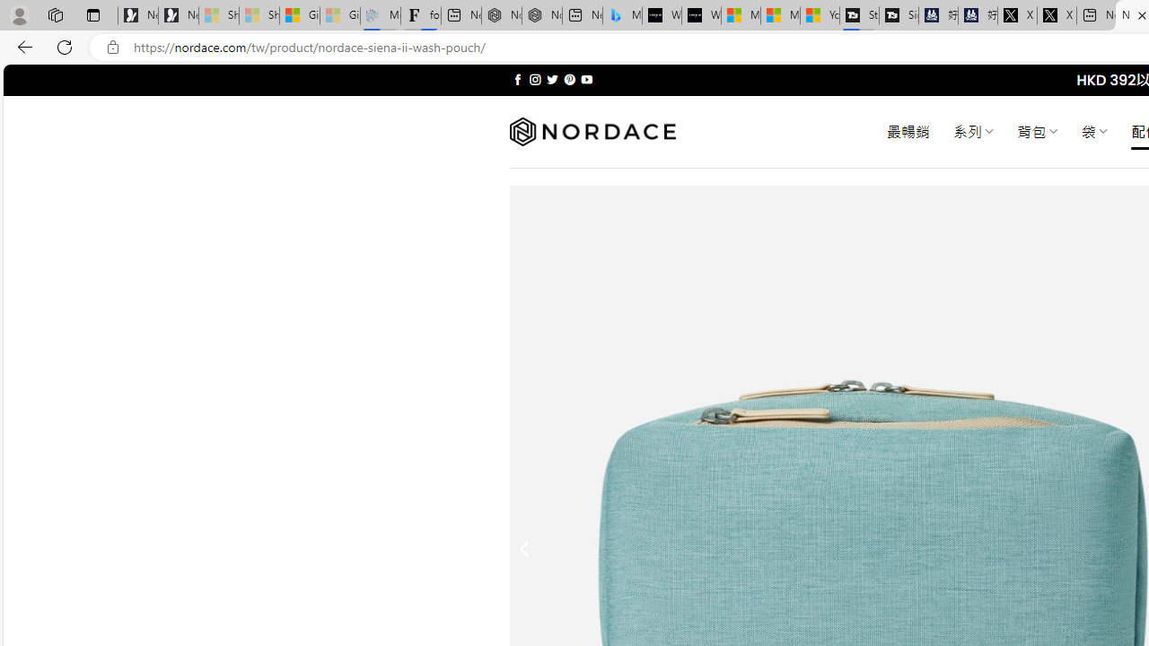  Describe the element at coordinates (517, 79) in the screenshot. I see `'Follow on Facebook'` at that location.